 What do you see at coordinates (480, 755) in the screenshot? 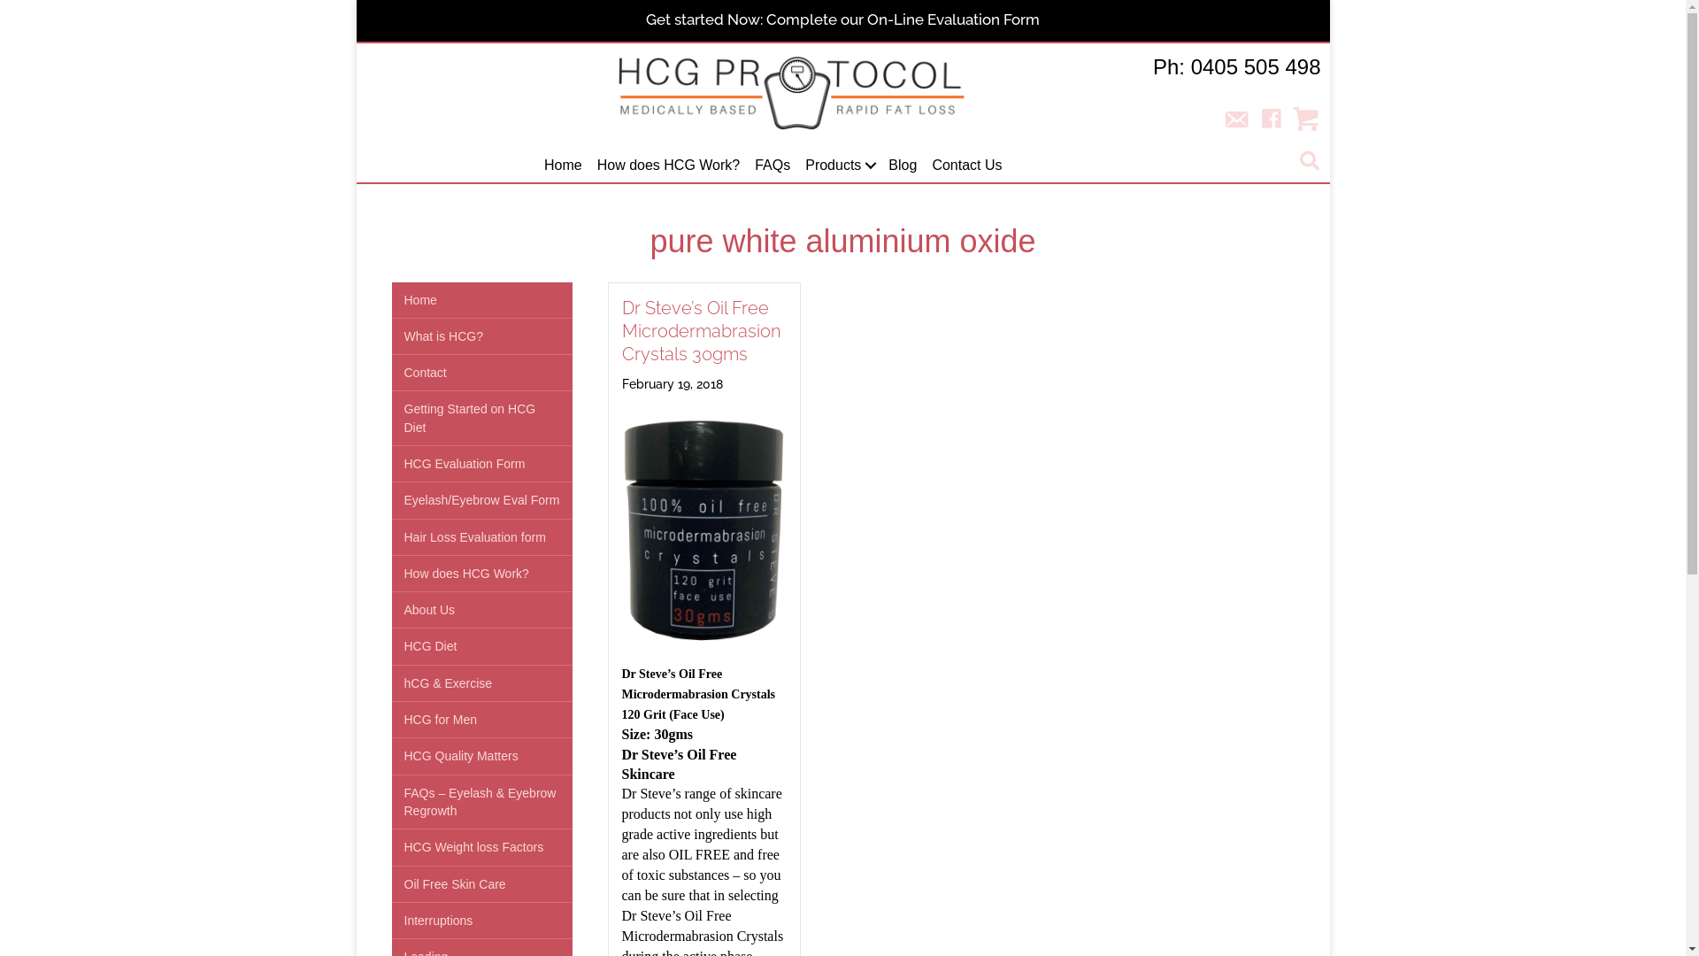
I see `'HCG Quality Matters'` at bounding box center [480, 755].